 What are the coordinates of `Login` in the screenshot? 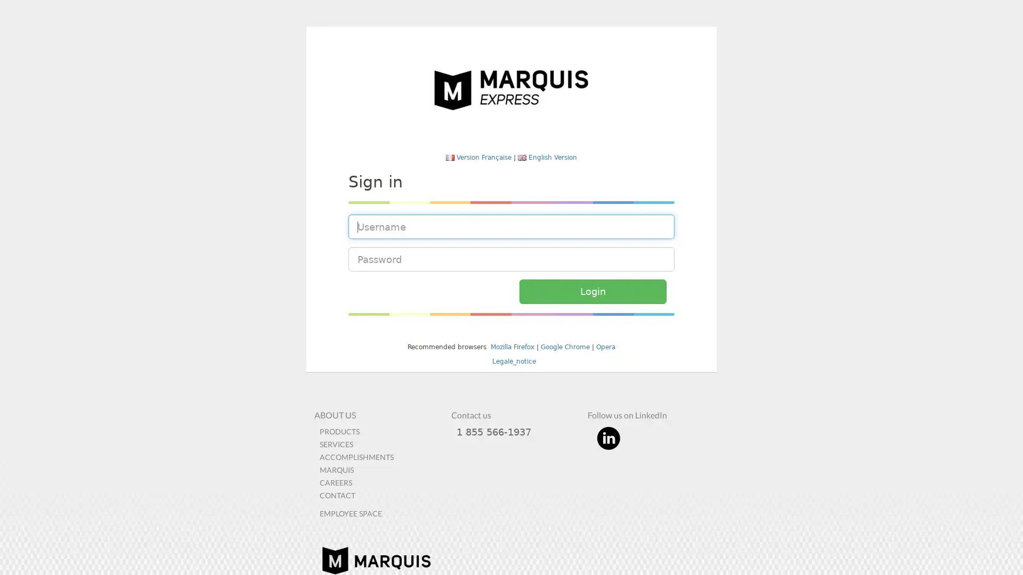 It's located at (592, 291).